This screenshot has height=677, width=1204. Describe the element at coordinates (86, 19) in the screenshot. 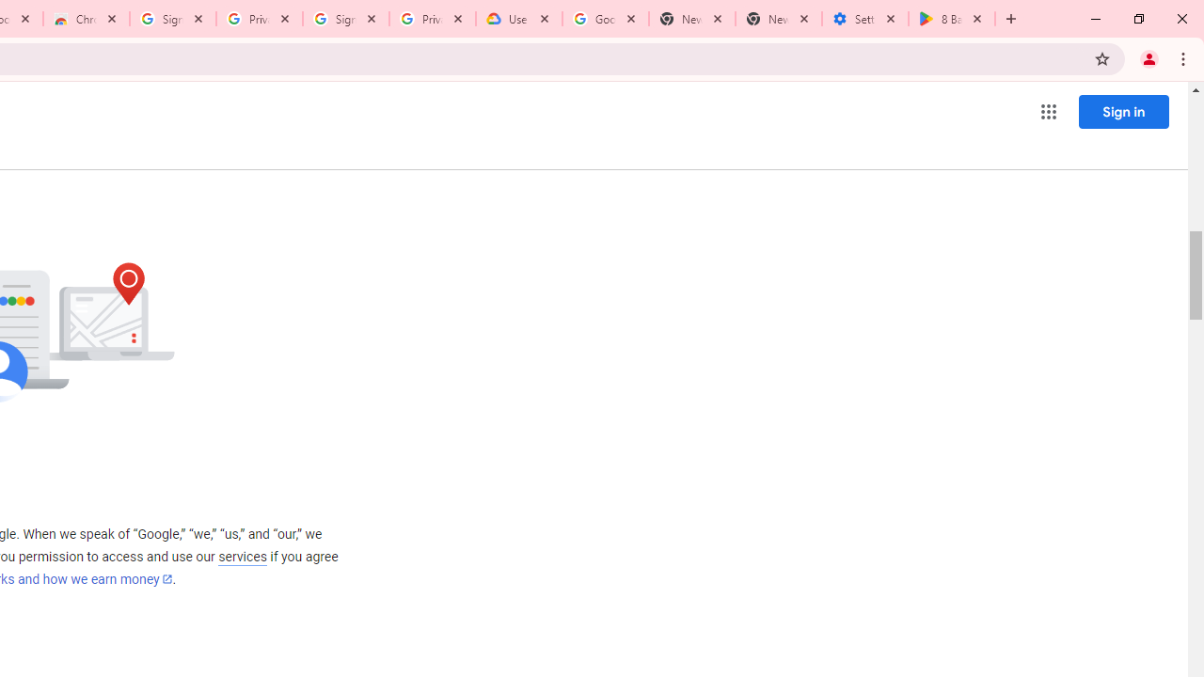

I see `'Chrome Web Store - Color themes by Chrome'` at that location.